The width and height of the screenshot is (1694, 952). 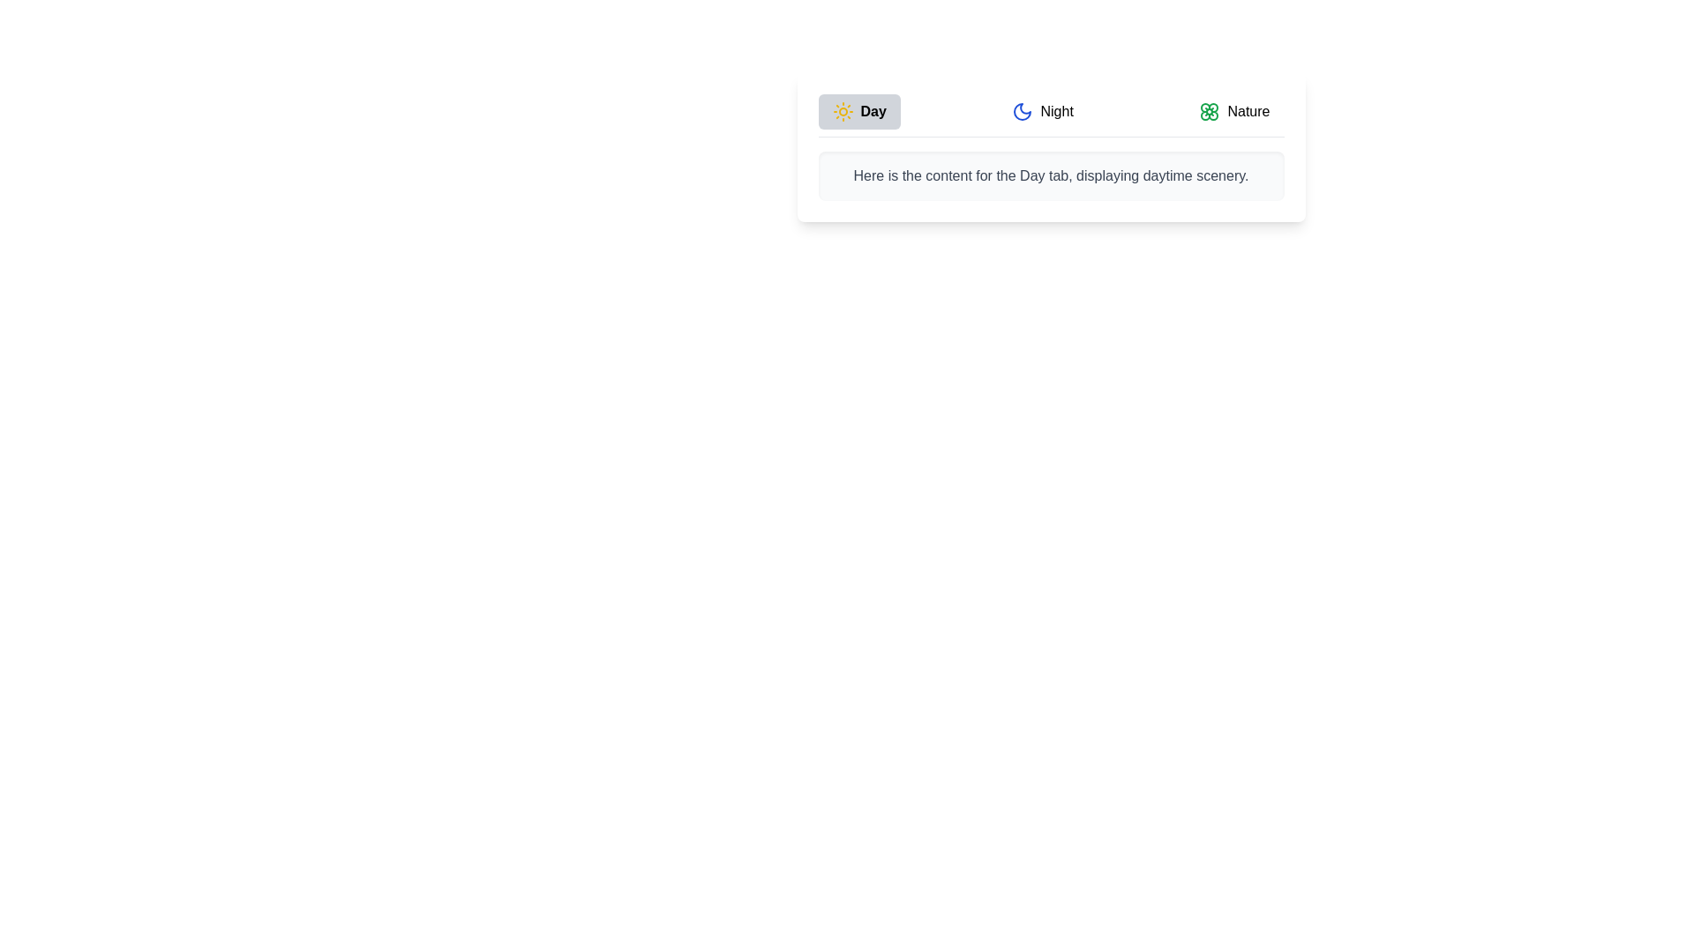 I want to click on the Night tab to activate it, so click(x=1043, y=112).